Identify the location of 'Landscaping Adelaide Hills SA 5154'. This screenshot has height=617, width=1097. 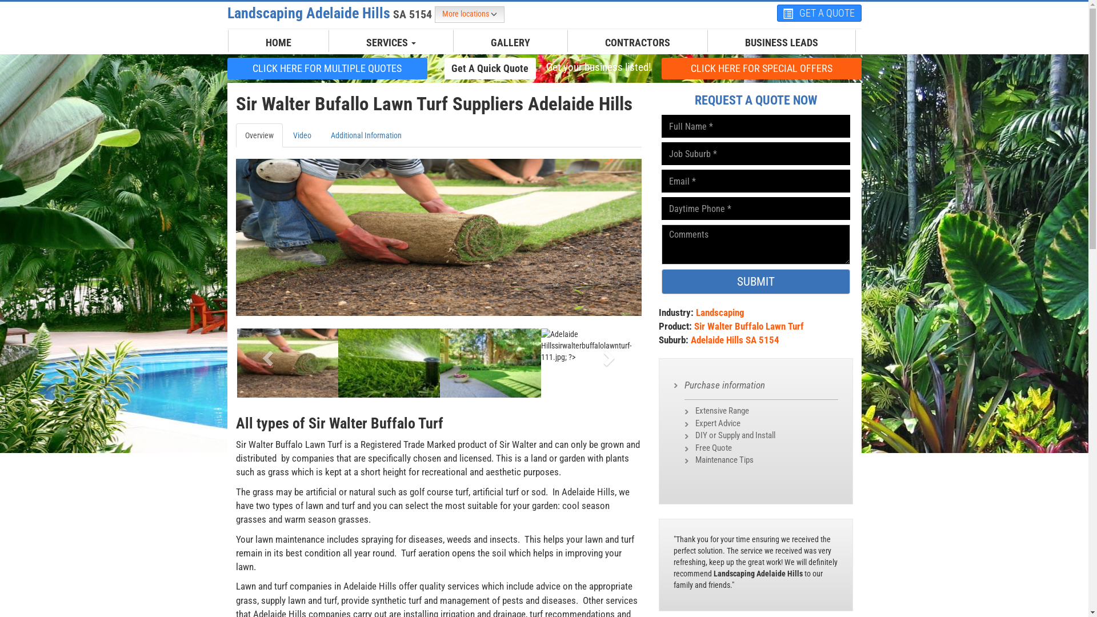
(330, 13).